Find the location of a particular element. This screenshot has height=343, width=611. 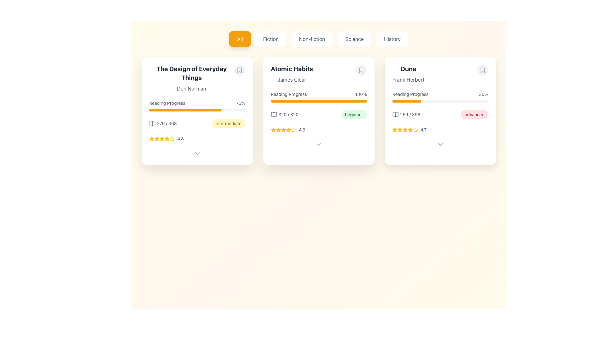

the progress indicator of the book 'Dune' located beneath the 'Reading Progress' text, which shows a completion percentage of 30% is located at coordinates (440, 101).